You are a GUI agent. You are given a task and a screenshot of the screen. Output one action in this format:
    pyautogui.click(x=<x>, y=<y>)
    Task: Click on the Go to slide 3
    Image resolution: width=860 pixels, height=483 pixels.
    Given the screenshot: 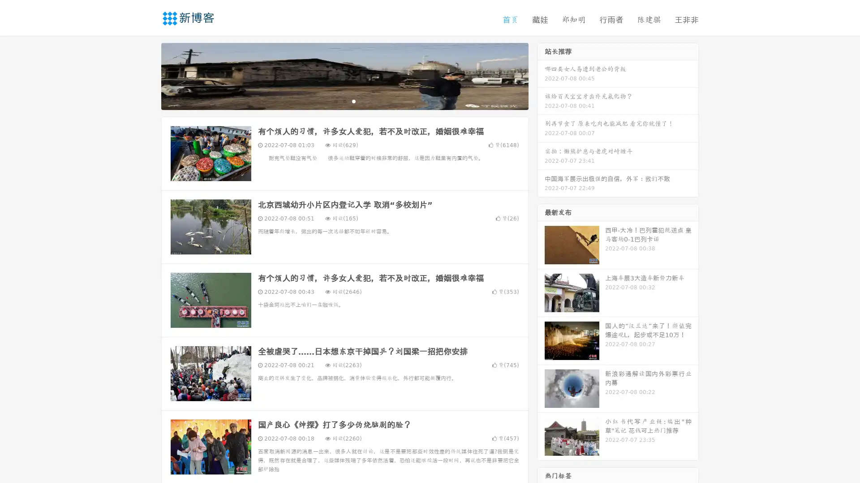 What is the action you would take?
    pyautogui.click(x=353, y=101)
    